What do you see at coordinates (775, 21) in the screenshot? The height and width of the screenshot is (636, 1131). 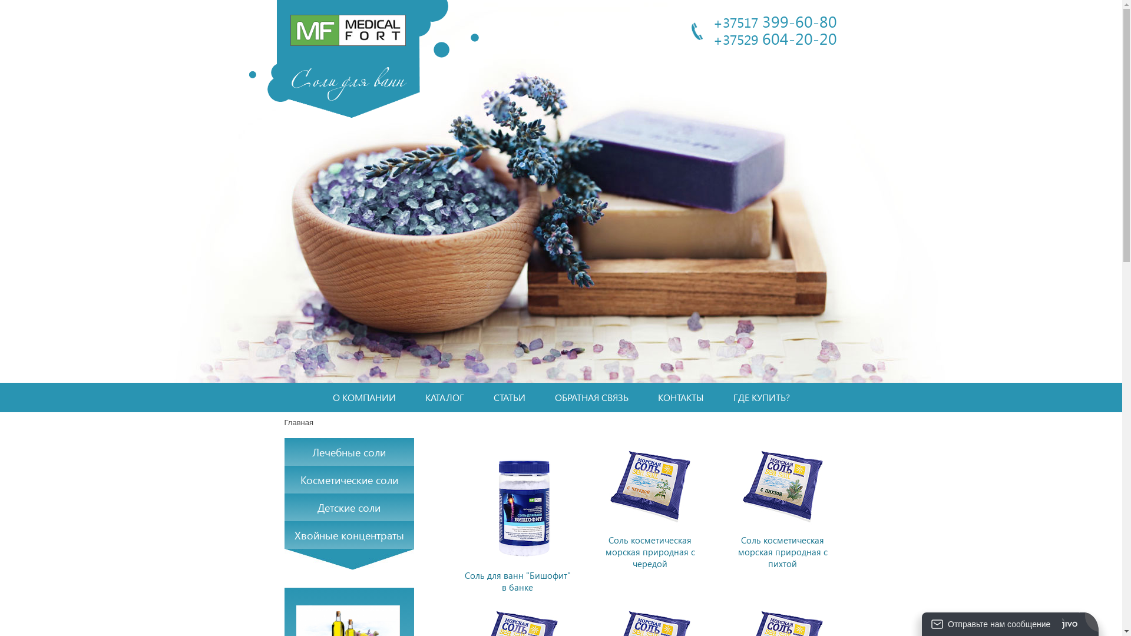 I see `'+37517 399-60-80'` at bounding box center [775, 21].